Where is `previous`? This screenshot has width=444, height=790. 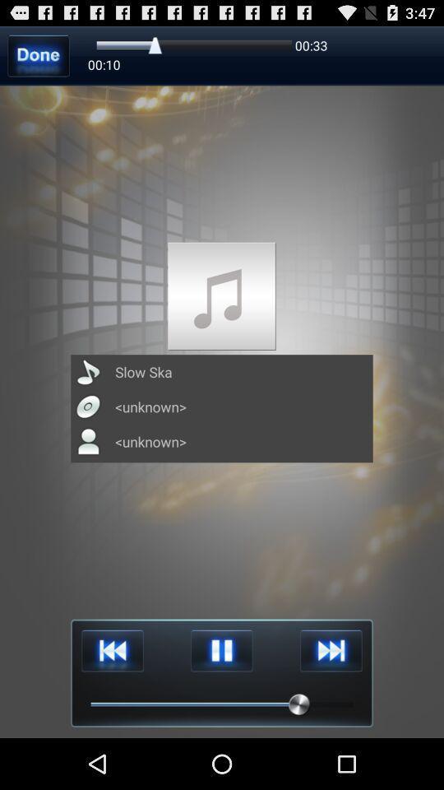 previous is located at coordinates (112, 651).